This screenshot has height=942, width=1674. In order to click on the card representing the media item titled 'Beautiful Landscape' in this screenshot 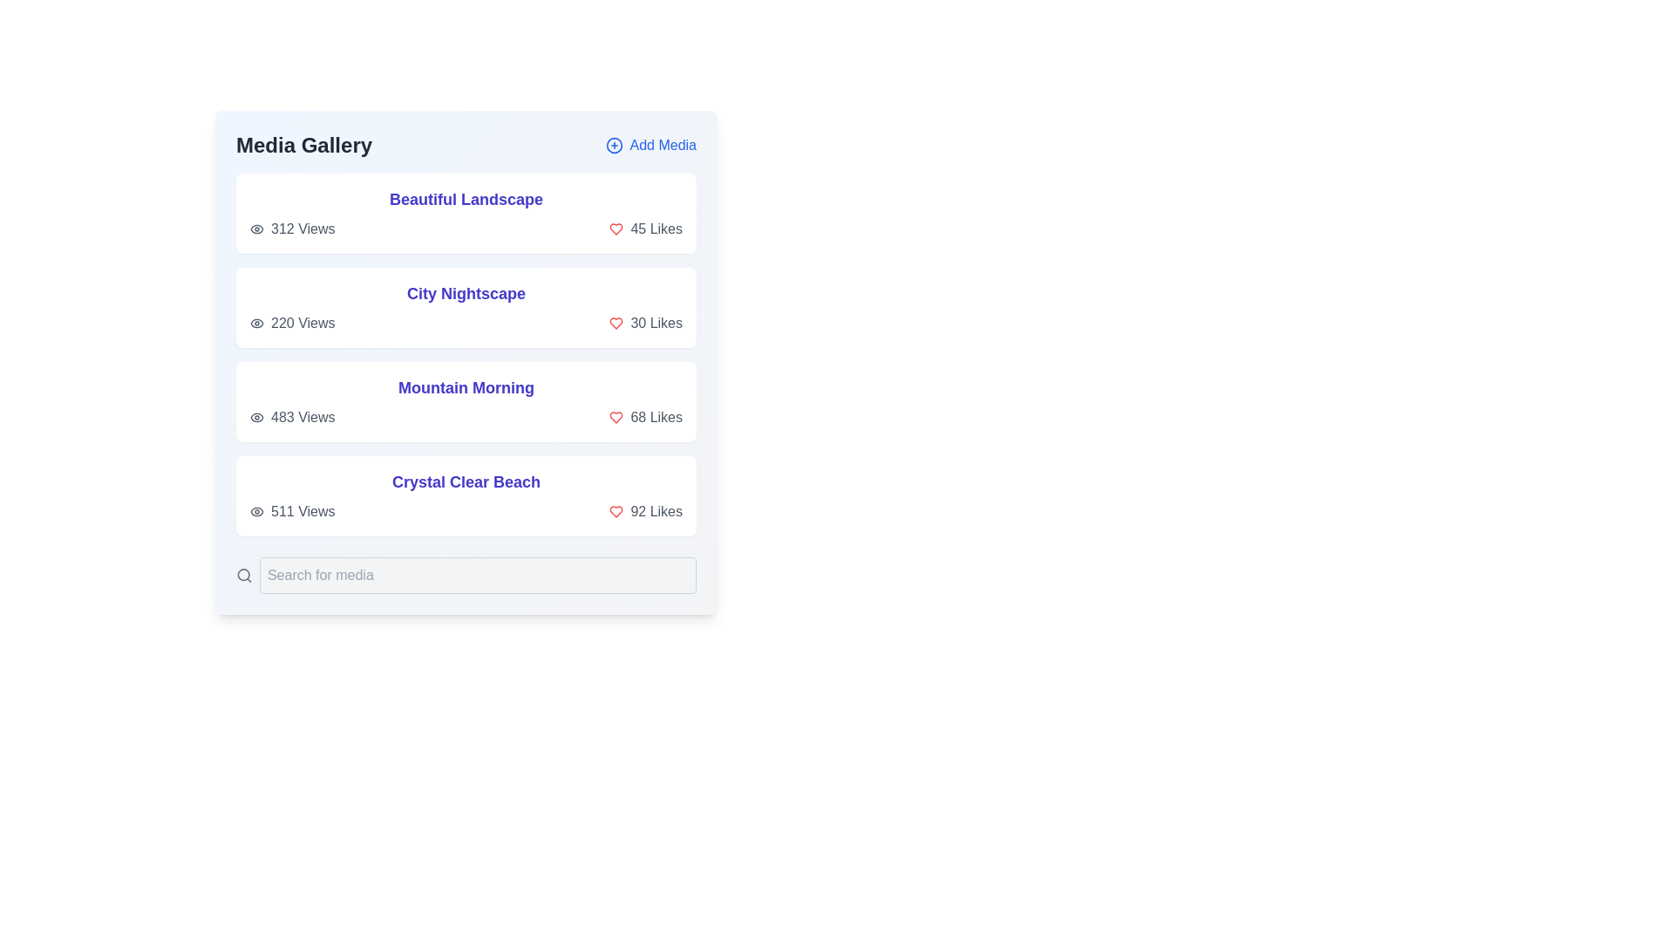, I will do `click(466, 213)`.